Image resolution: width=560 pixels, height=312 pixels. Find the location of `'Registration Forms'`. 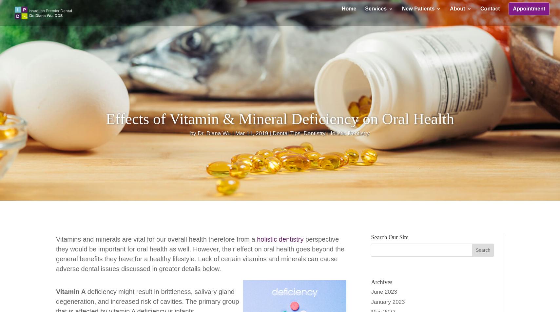

'Registration Forms' is located at coordinates (439, 64).